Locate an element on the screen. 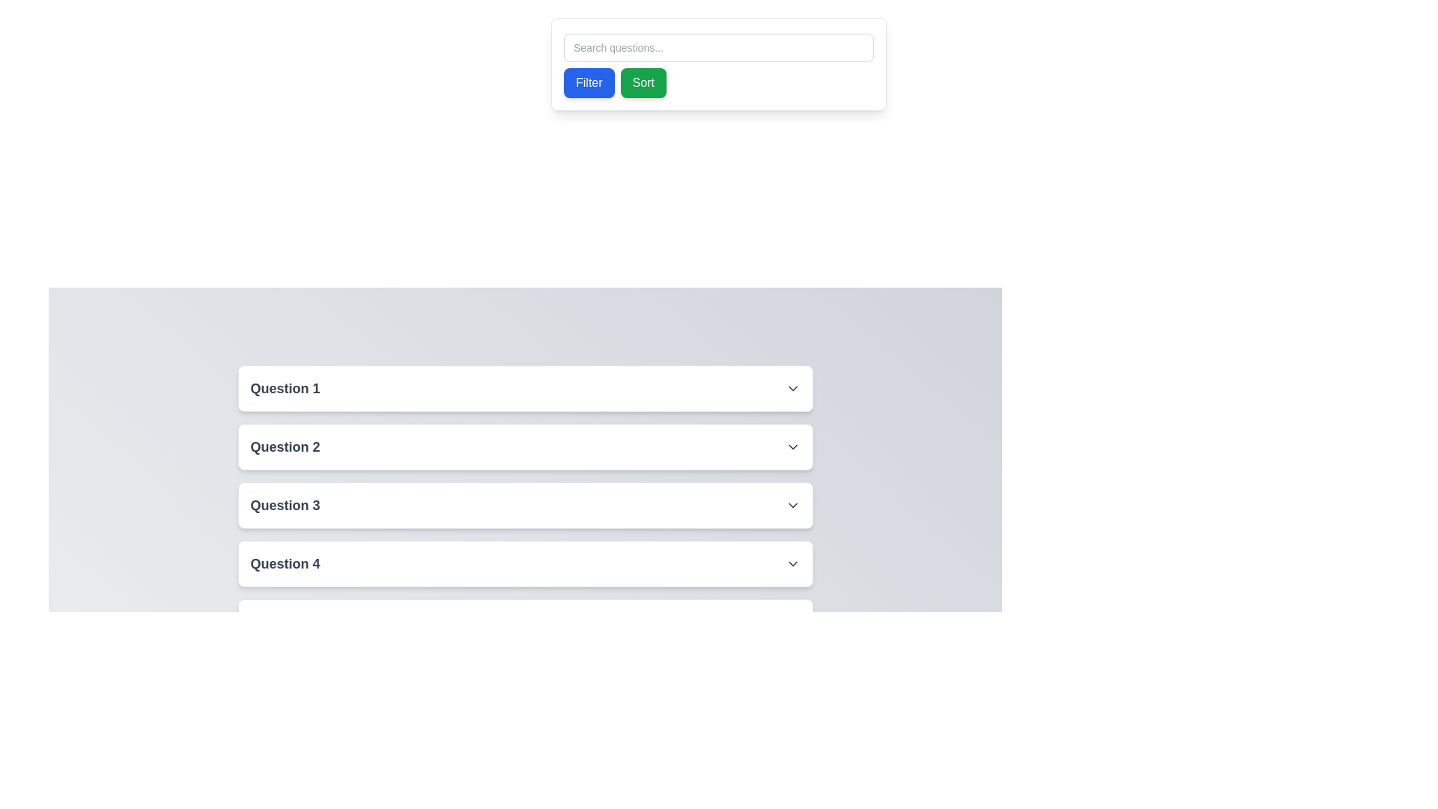 This screenshot has height=809, width=1438. the first expandable list item labeled 'Question 1' is located at coordinates (525, 388).